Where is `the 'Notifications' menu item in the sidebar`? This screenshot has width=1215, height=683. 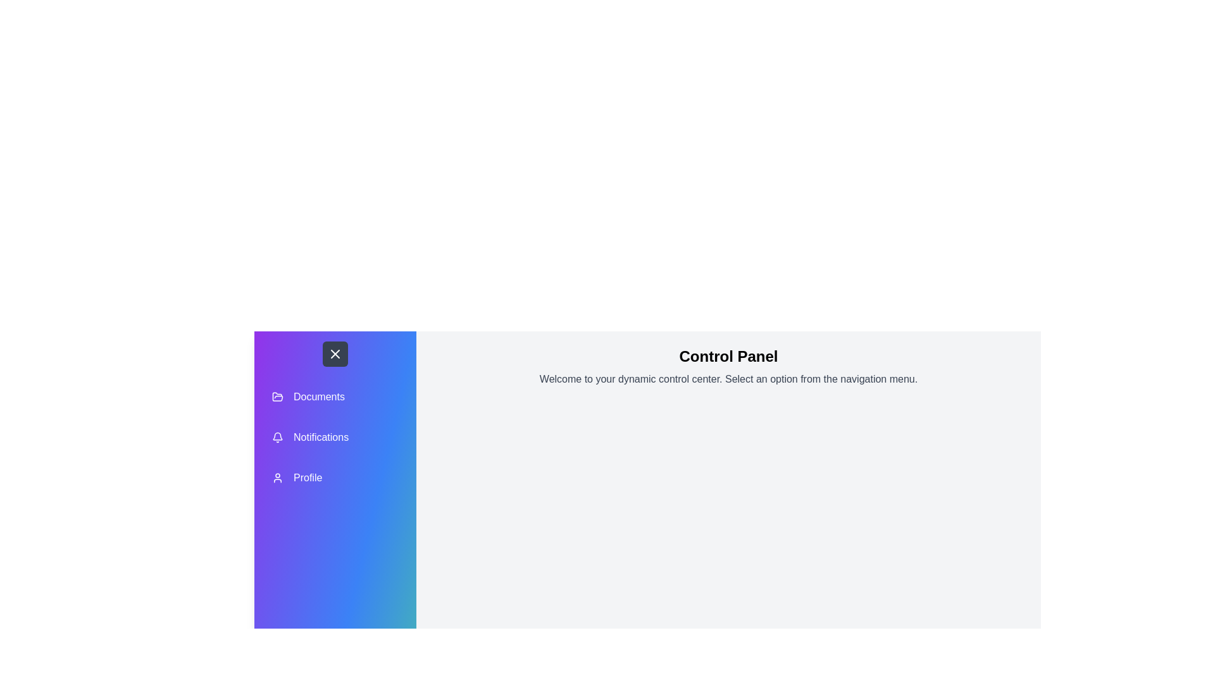
the 'Notifications' menu item in the sidebar is located at coordinates (335, 436).